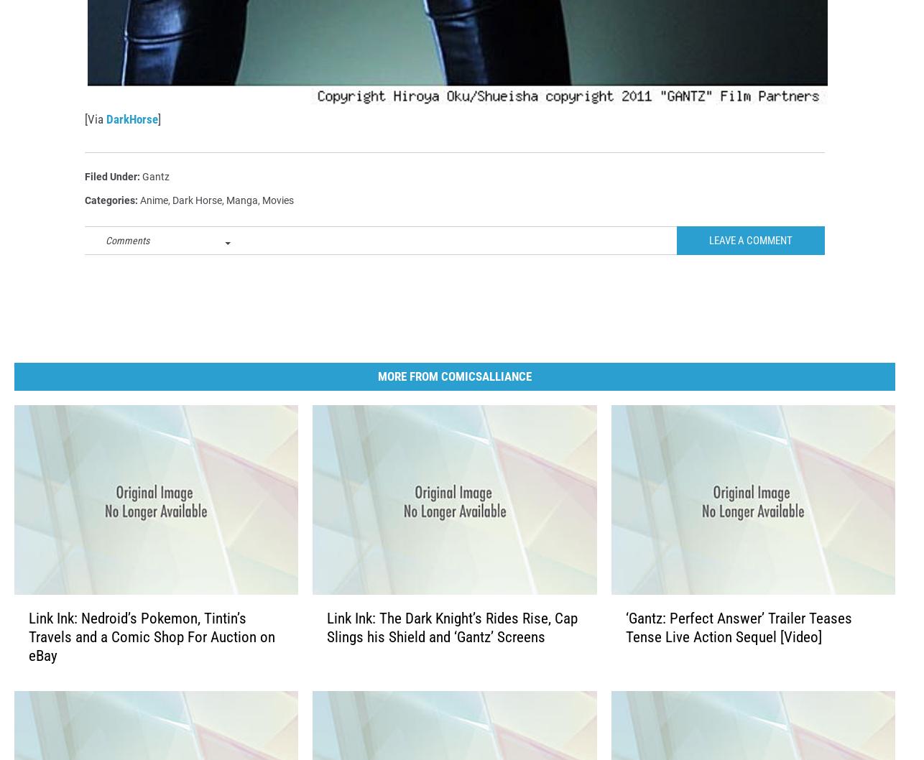 Image resolution: width=924 pixels, height=760 pixels. I want to click on 'Movies', so click(277, 223).